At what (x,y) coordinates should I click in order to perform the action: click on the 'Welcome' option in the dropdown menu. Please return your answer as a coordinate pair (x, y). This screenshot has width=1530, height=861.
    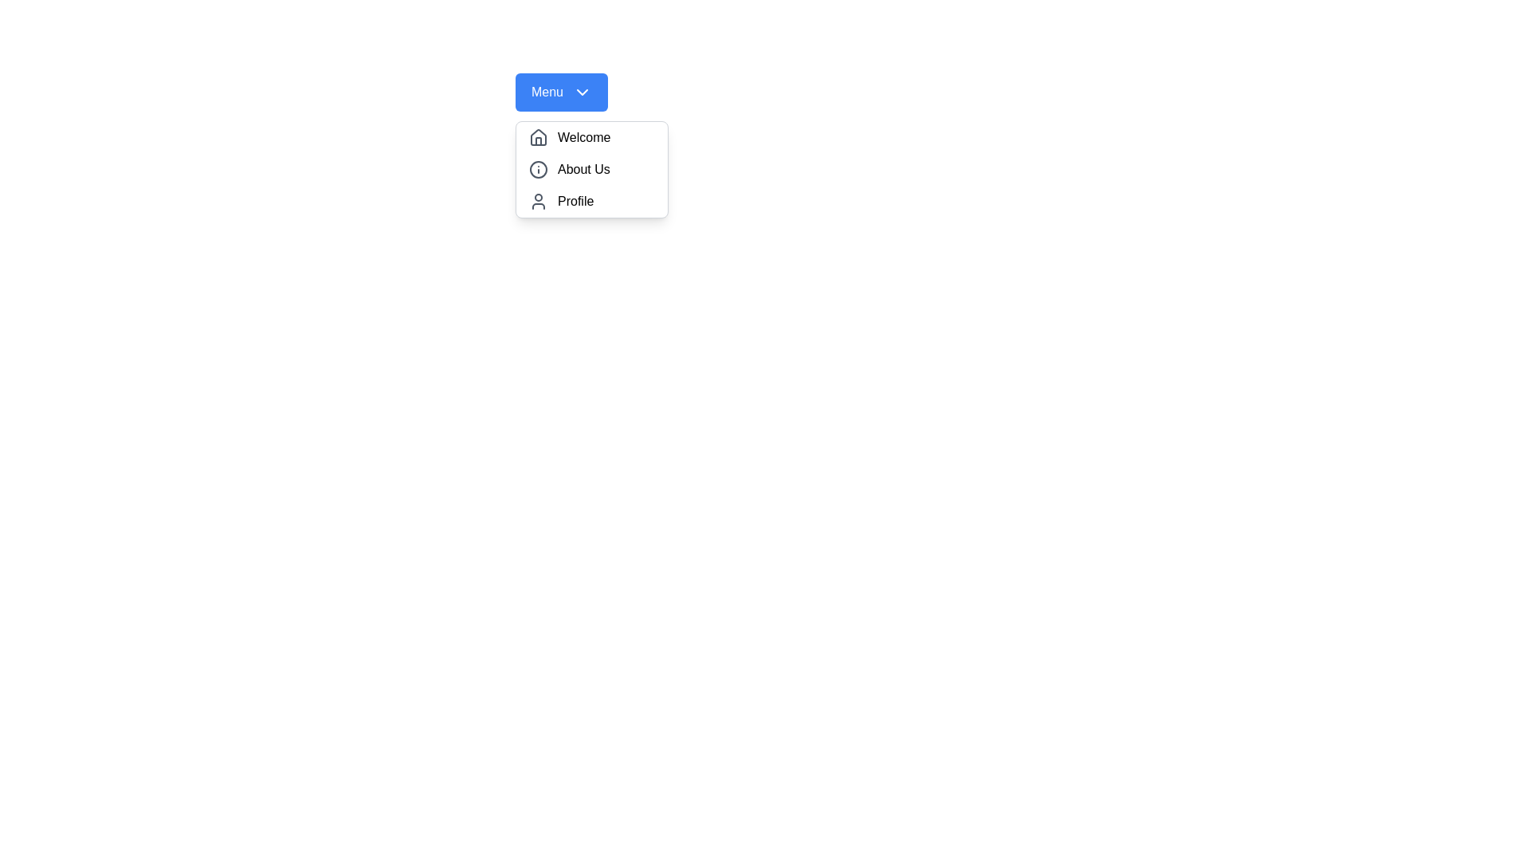
    Looking at the image, I should click on (591, 137).